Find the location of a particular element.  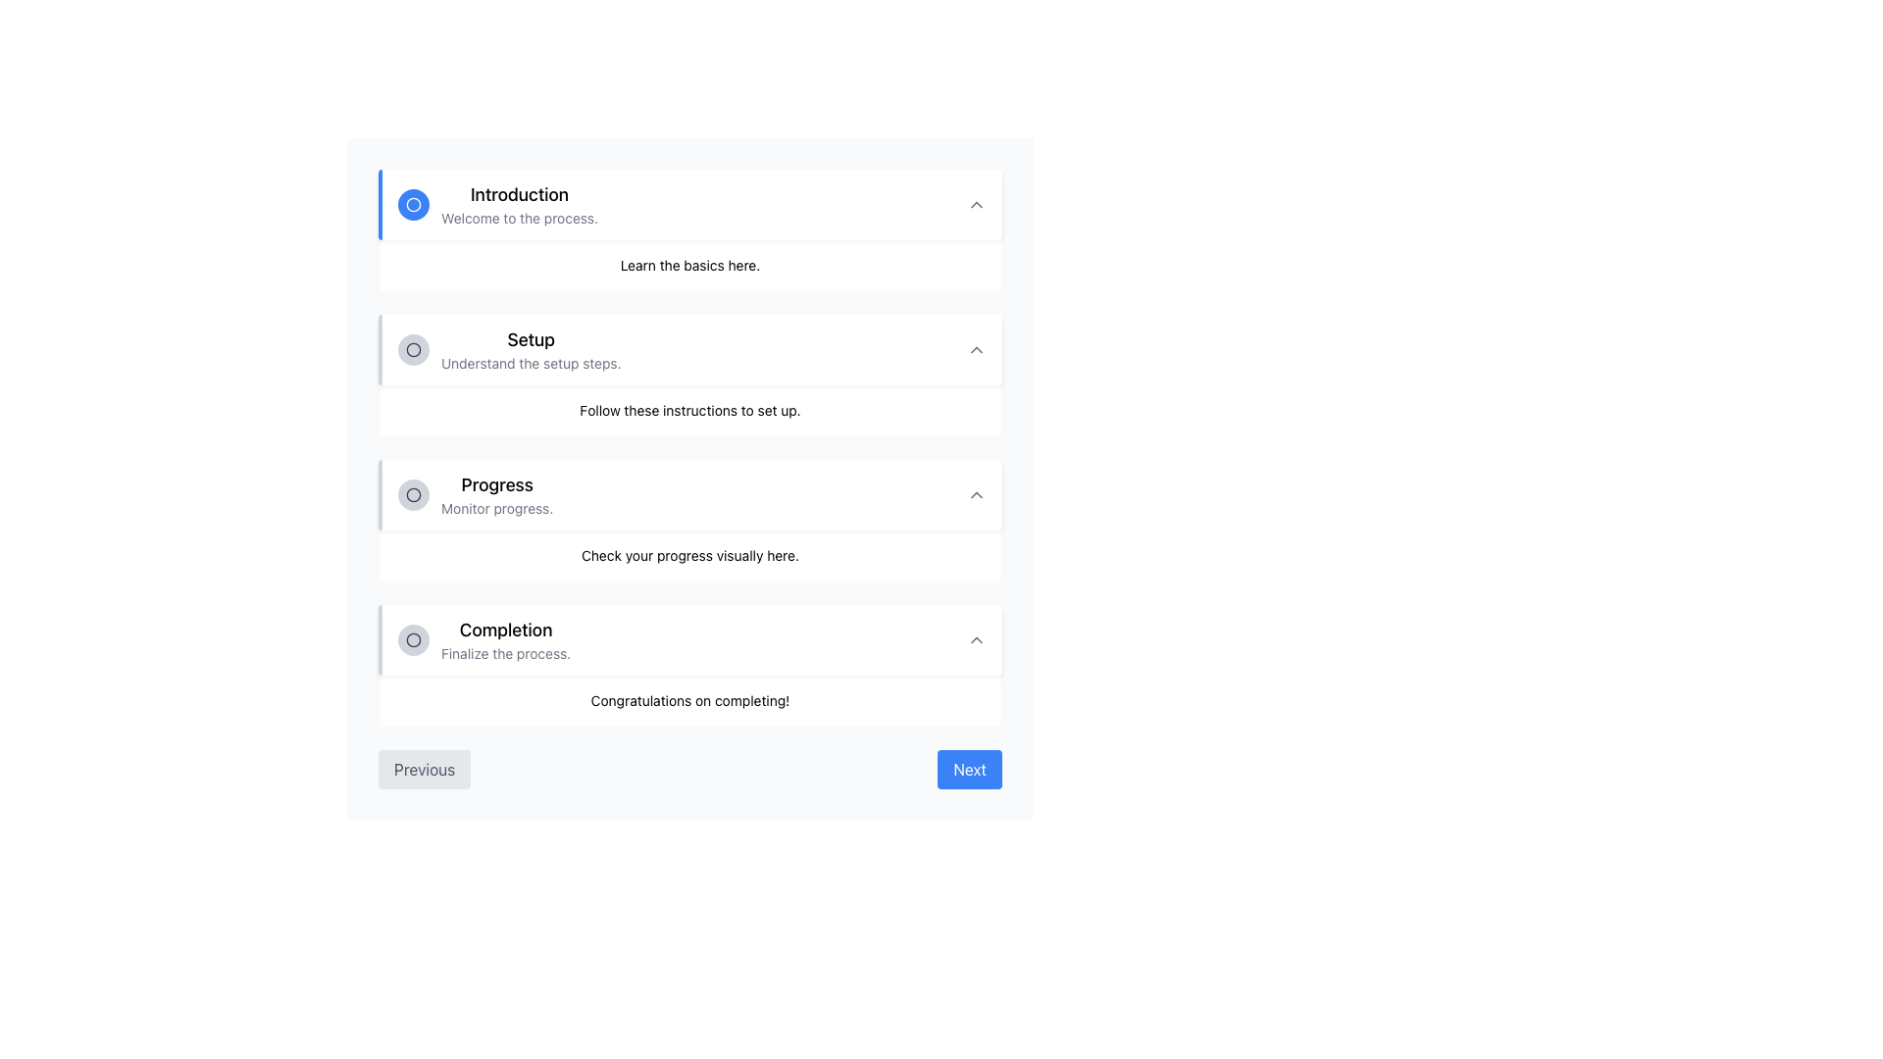

text label that displays 'Progress', which is the title of the third step in the navigation menu is located at coordinates (497, 484).